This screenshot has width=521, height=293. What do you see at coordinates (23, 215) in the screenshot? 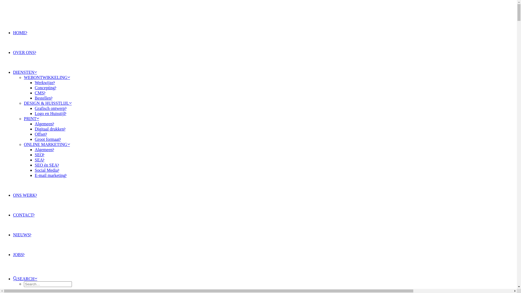
I see `'CONTACT'` at bounding box center [23, 215].